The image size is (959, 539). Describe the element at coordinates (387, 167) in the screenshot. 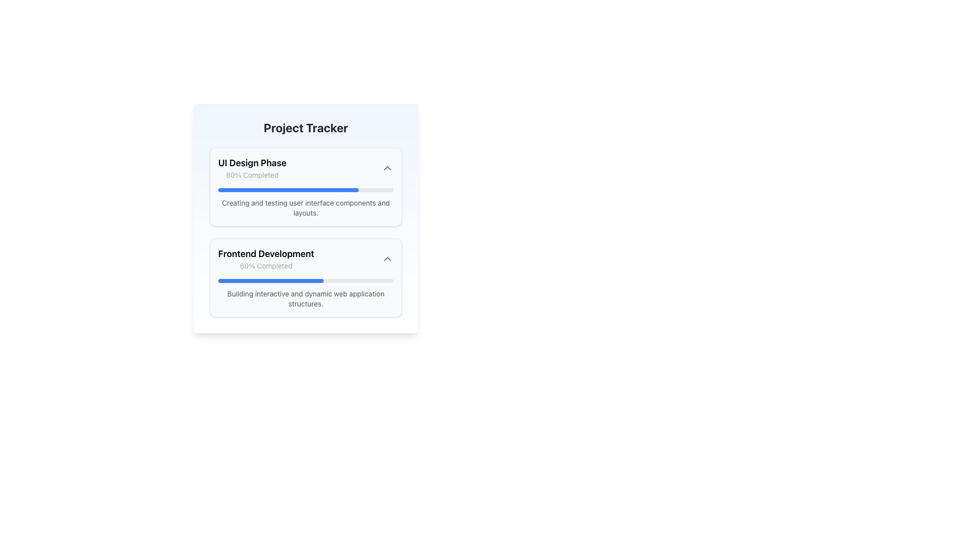

I see `the upward chevron icon next to the '80% Completed' text` at that location.